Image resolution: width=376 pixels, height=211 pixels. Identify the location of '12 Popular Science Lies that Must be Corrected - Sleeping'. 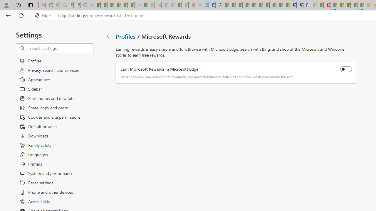
(185, 5).